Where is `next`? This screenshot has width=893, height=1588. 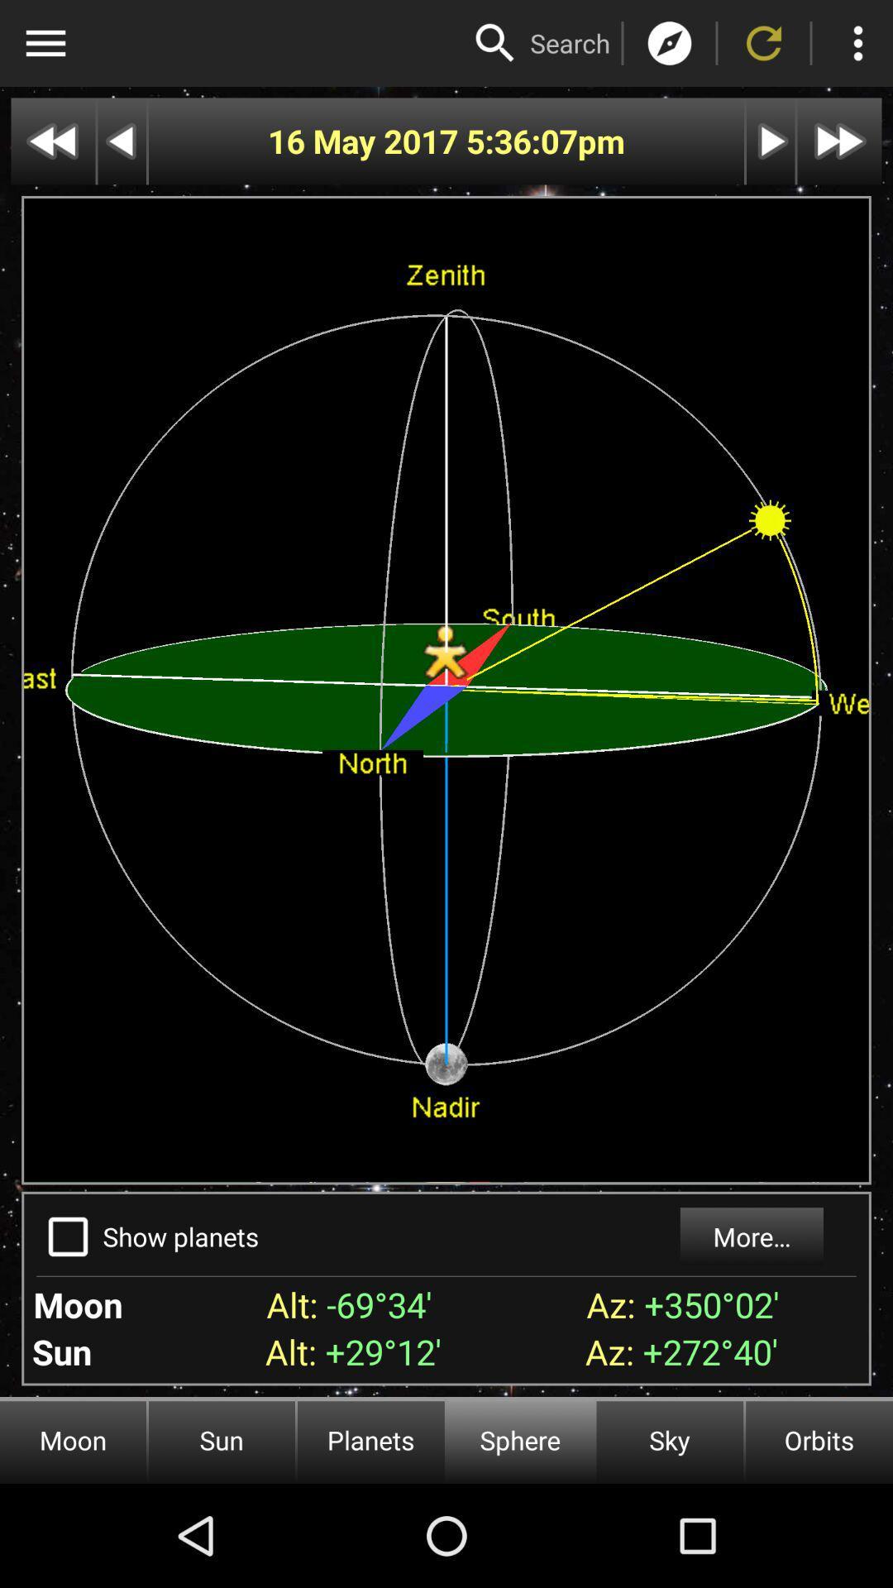
next is located at coordinates (771, 141).